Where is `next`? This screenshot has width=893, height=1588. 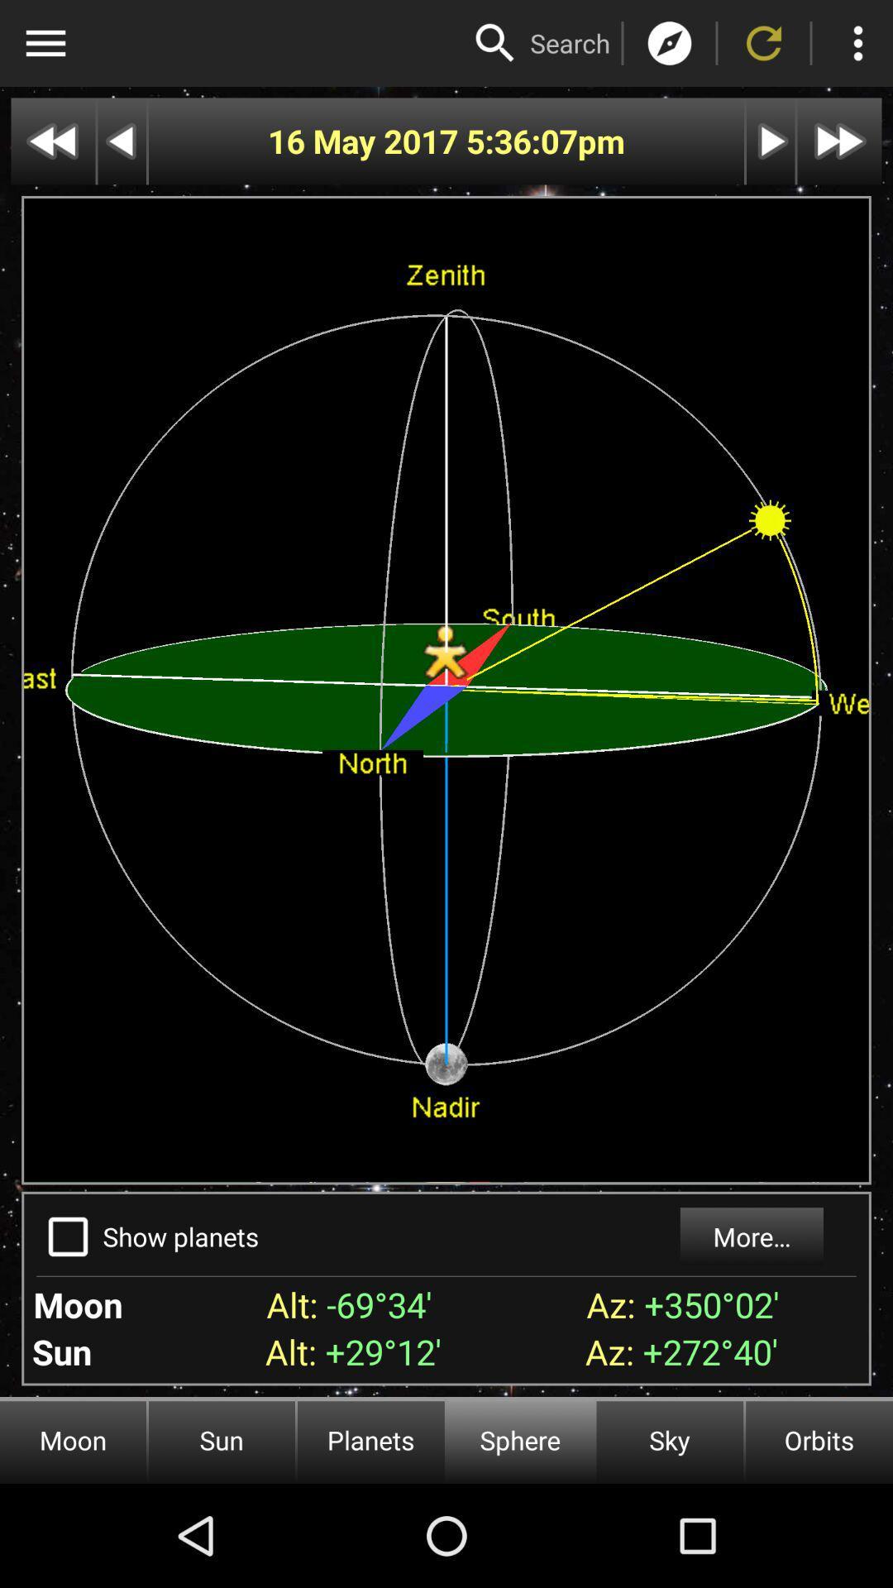
next is located at coordinates (771, 141).